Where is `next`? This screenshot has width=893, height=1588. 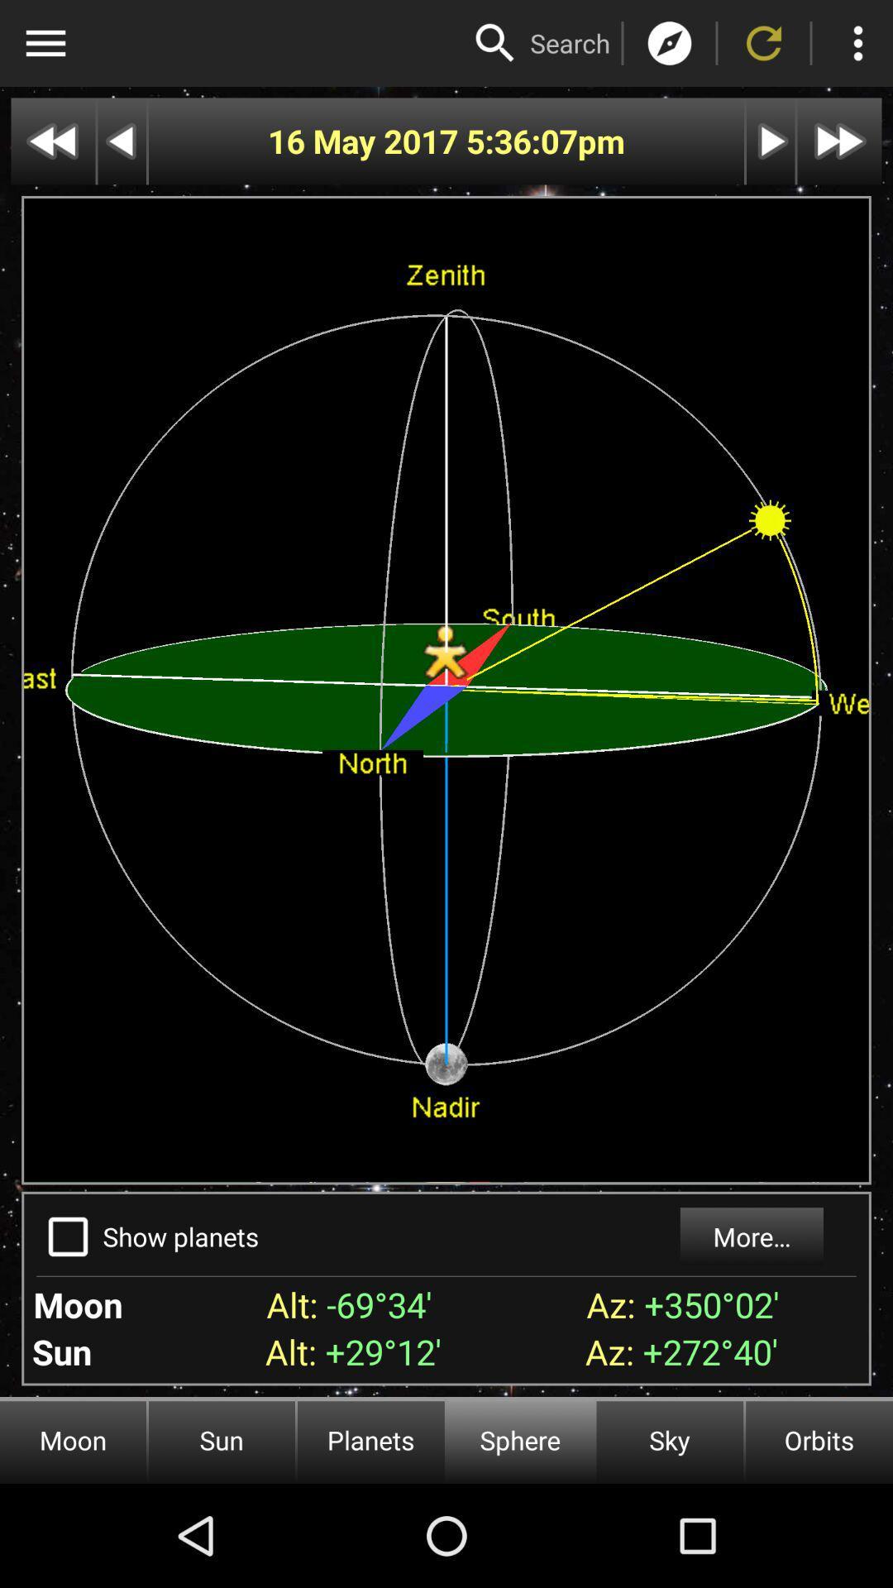
next is located at coordinates (771, 141).